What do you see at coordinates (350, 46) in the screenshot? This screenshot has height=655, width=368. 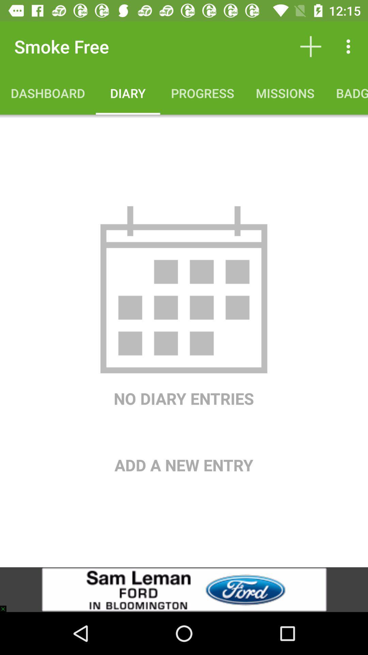 I see `item above the badges icon` at bounding box center [350, 46].